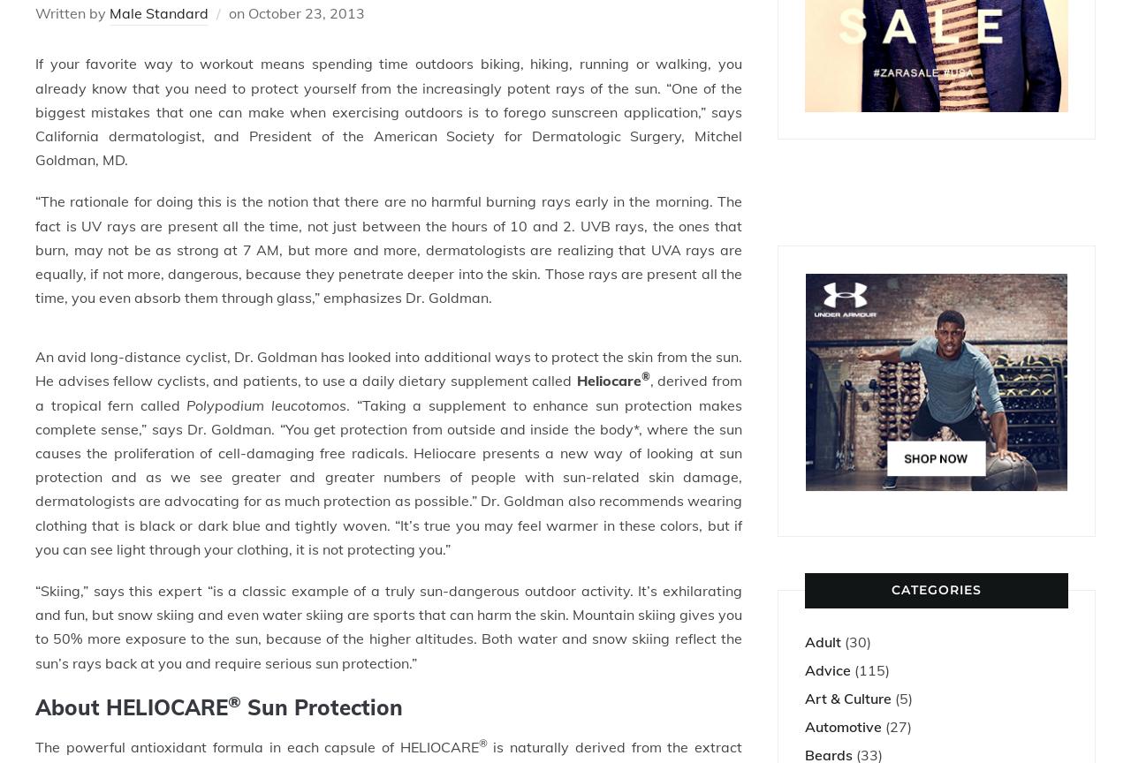  What do you see at coordinates (388, 367) in the screenshot?
I see `'An avid long-distance cyclist, Dr. Goldman has looked into additional ways to protect the skin from the sun. He advises fellow cyclists, and patients, to use a daily dietary supplement called'` at bounding box center [388, 367].